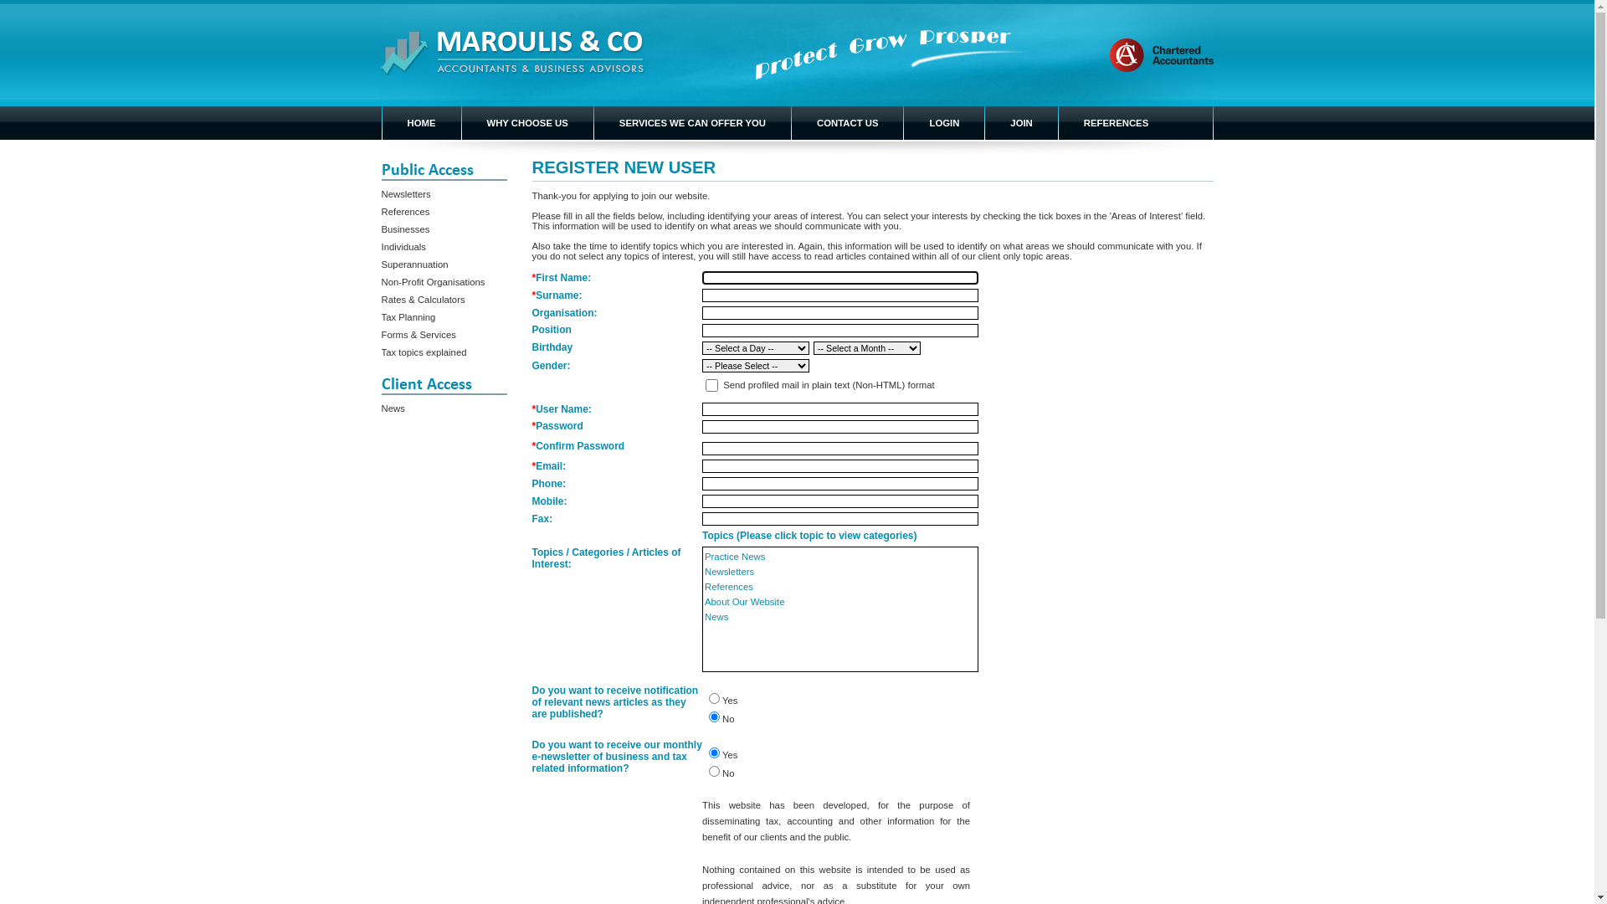 Image resolution: width=1607 pixels, height=904 pixels. What do you see at coordinates (414, 264) in the screenshot?
I see `'Superannuation'` at bounding box center [414, 264].